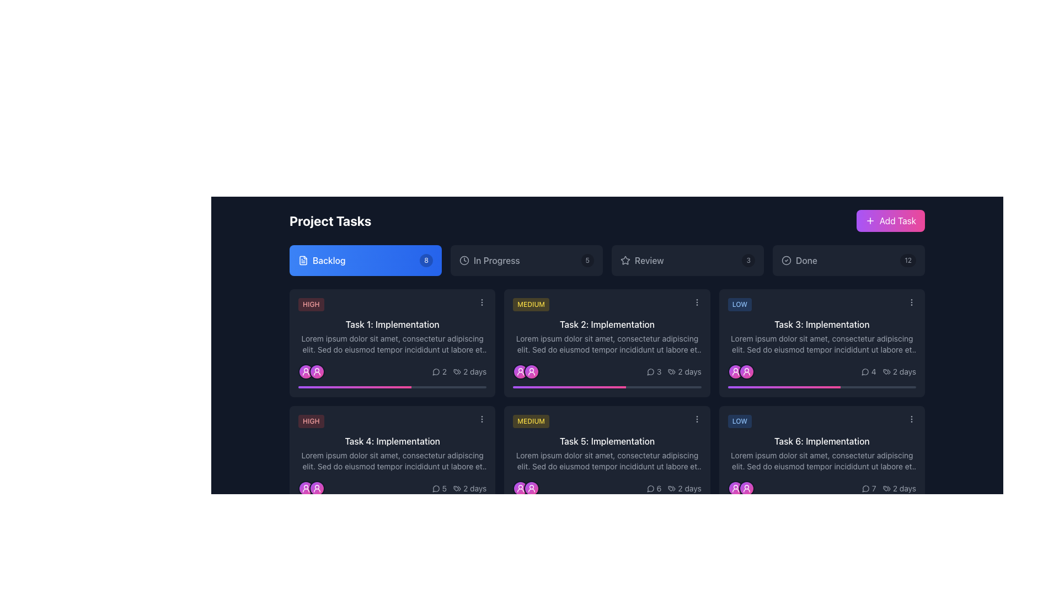 The image size is (1059, 595). I want to click on the small circular icon resembling a speech bubble or chat symbol located within the 'Task 2: Implementation' card under the 'In Progress' section, so click(650, 372).